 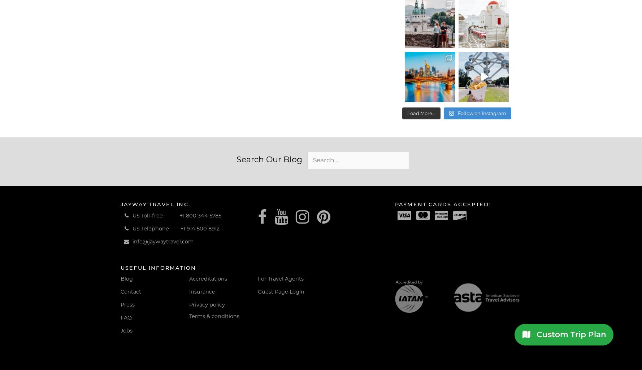 What do you see at coordinates (199, 228) in the screenshot?
I see `'+1 914 500 8912'` at bounding box center [199, 228].